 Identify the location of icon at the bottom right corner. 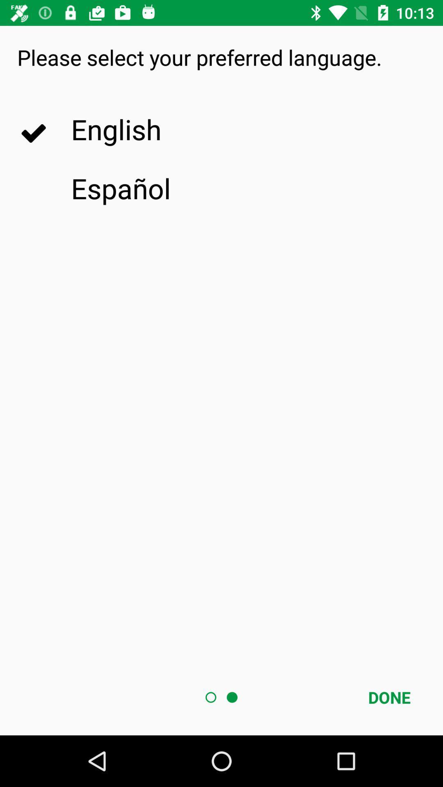
(389, 697).